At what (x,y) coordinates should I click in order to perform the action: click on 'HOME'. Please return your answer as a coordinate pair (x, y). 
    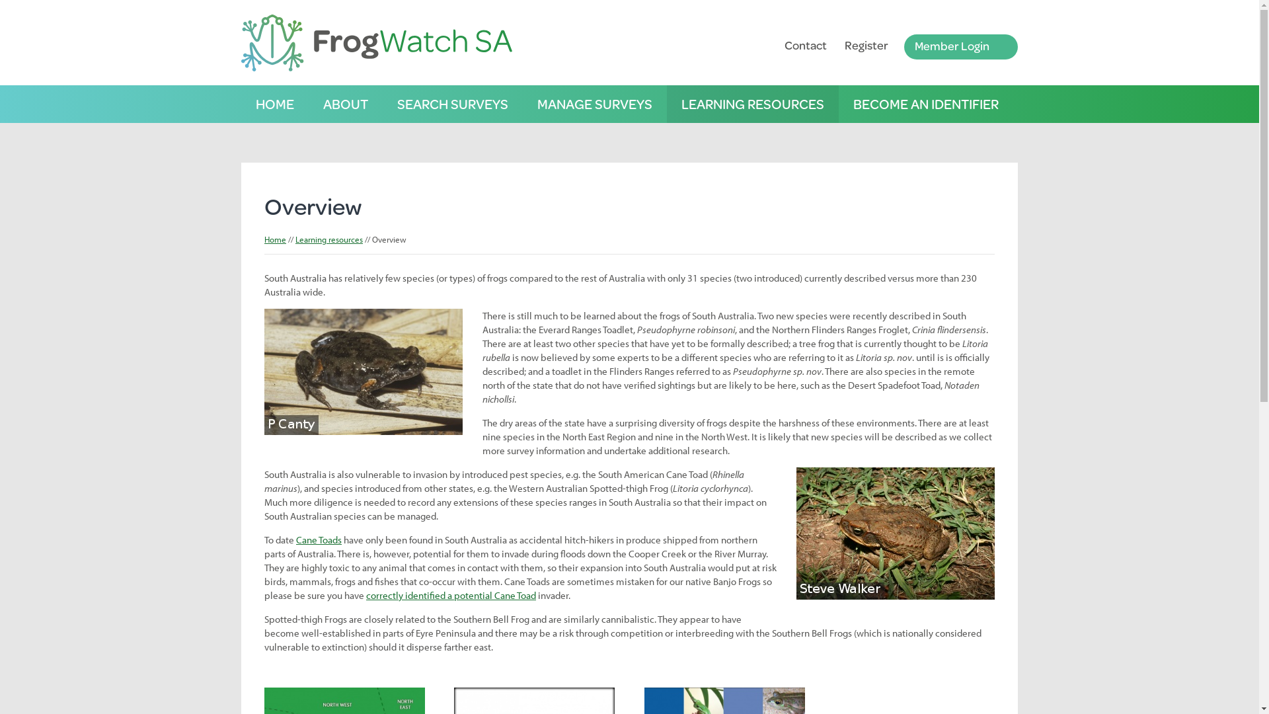
    Looking at the image, I should click on (274, 103).